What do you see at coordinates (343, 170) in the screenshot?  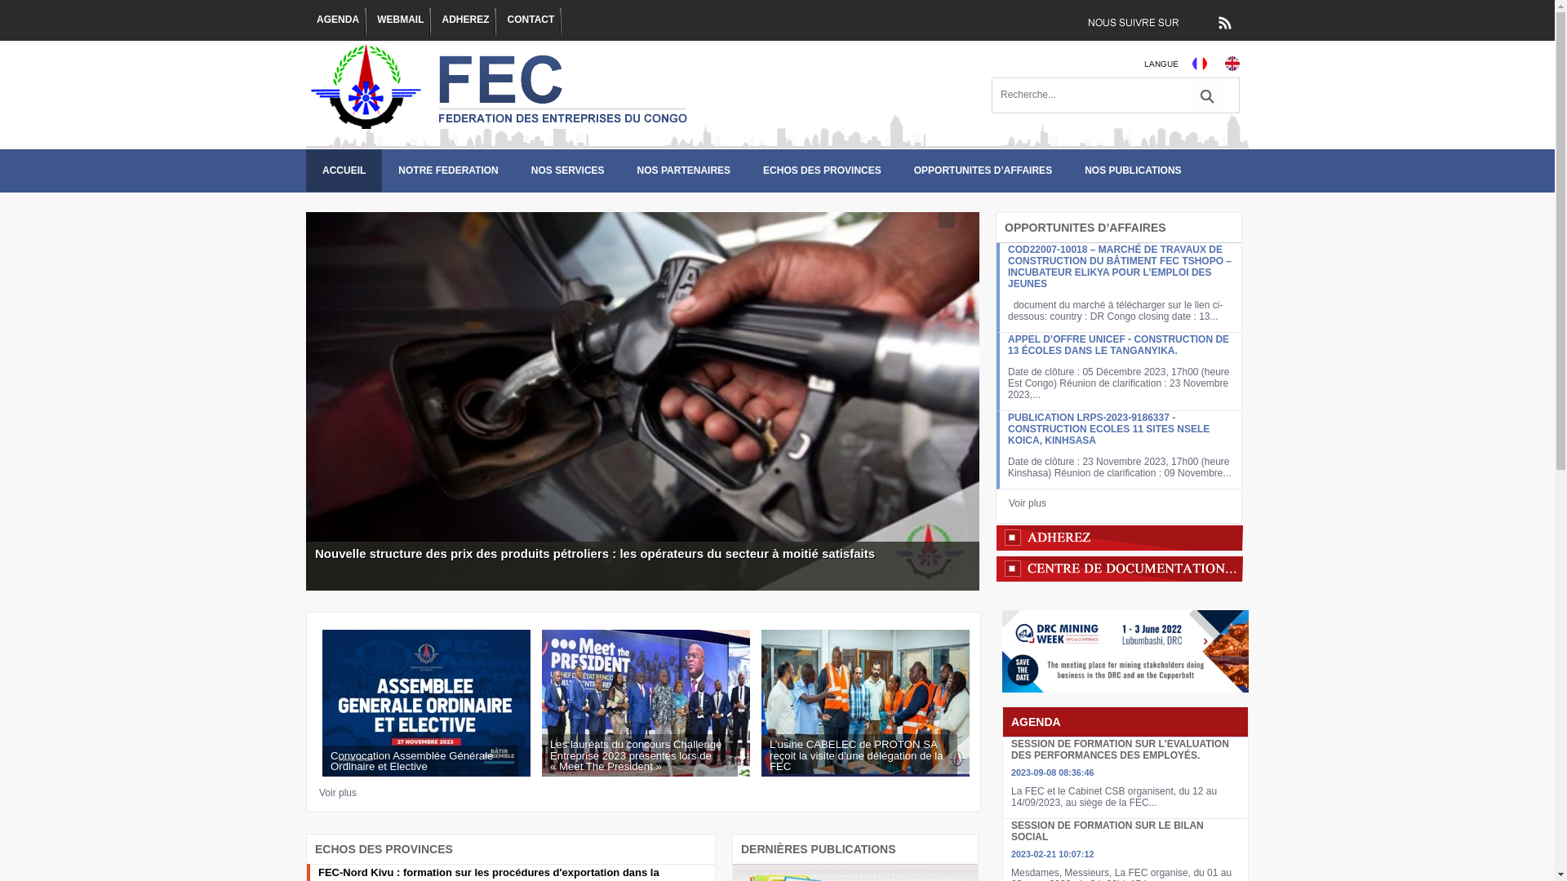 I see `'ACCUEIL'` at bounding box center [343, 170].